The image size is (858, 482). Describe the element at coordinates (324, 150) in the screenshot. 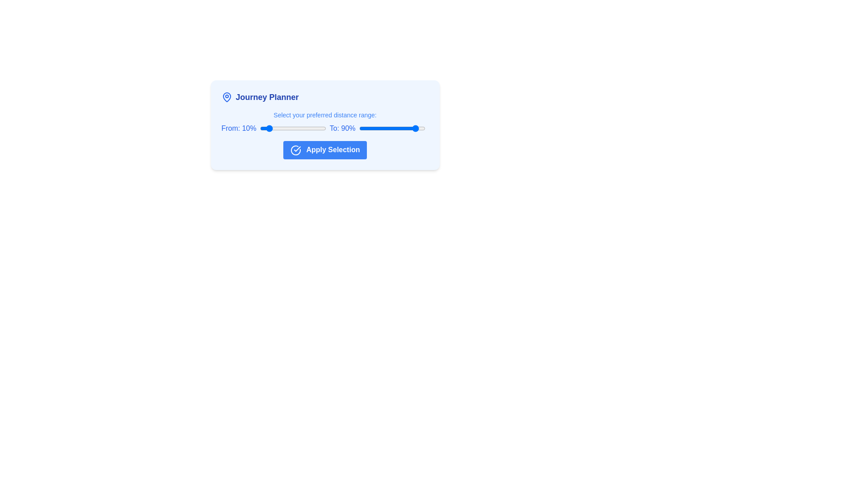

I see `the rectangular button with a blue background and the white text 'Apply Selection' located at the bottom of the 'Journey Planner' card to confirm the selection` at that location.